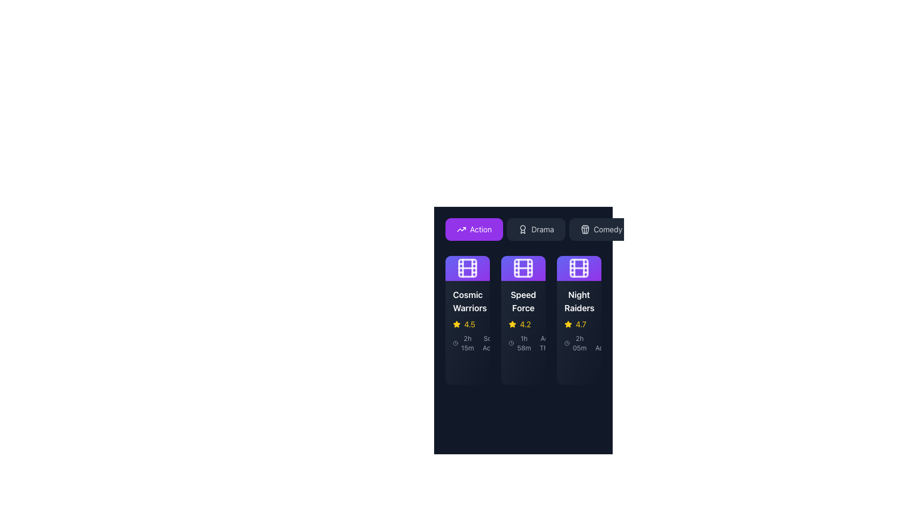  What do you see at coordinates (567, 343) in the screenshot?
I see `the SVG Clock Icon which visually represents the concept of time, located to the left of the time duration text '2h 05m' within the 'Night Raiders' card` at bounding box center [567, 343].